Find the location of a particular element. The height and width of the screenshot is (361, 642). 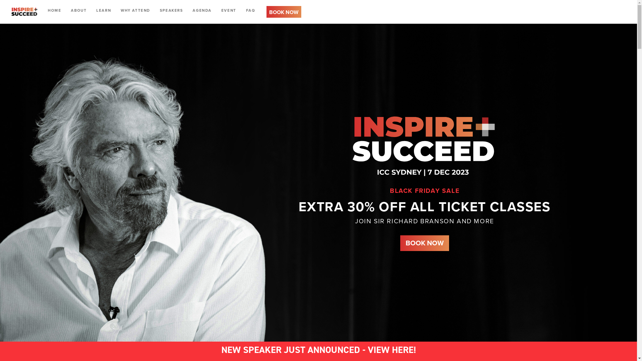

'ABOUT' is located at coordinates (79, 10).